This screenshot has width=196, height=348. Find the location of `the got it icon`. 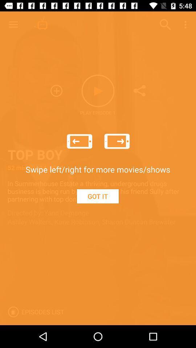

the got it icon is located at coordinates (98, 196).